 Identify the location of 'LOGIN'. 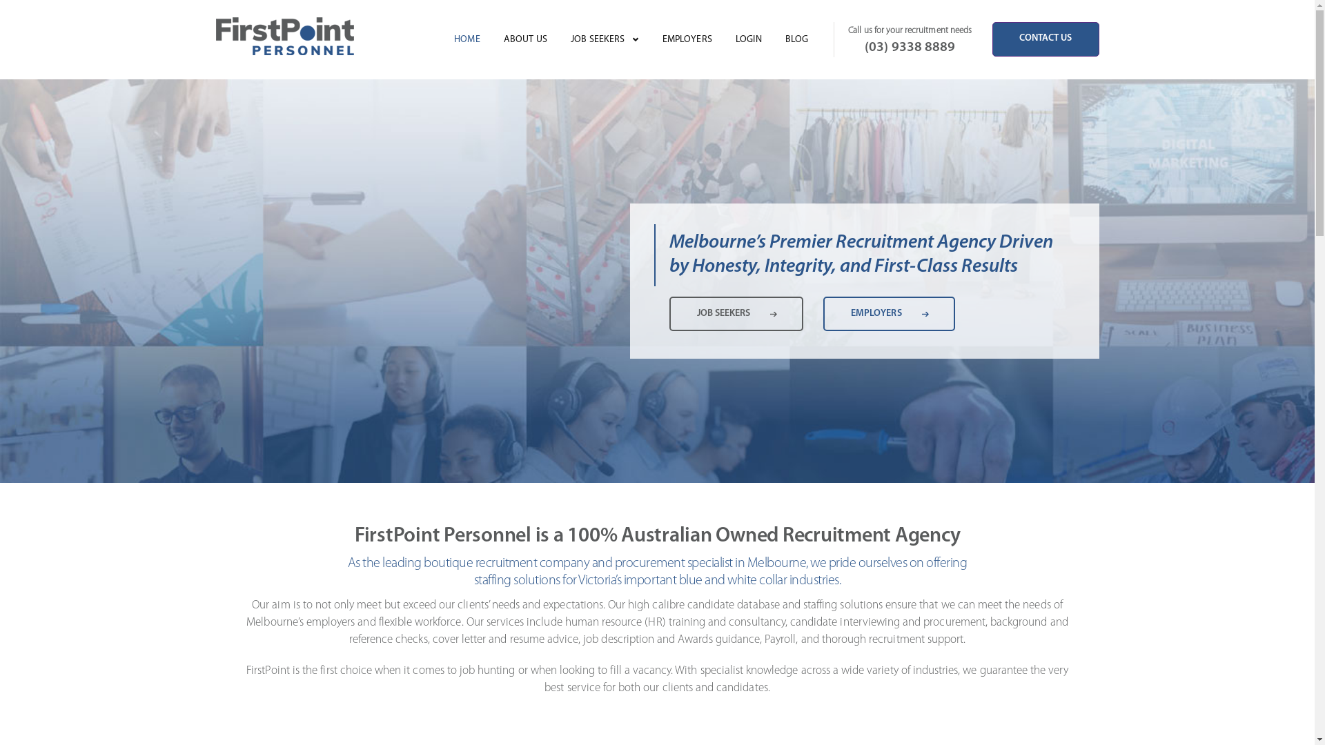
(747, 39).